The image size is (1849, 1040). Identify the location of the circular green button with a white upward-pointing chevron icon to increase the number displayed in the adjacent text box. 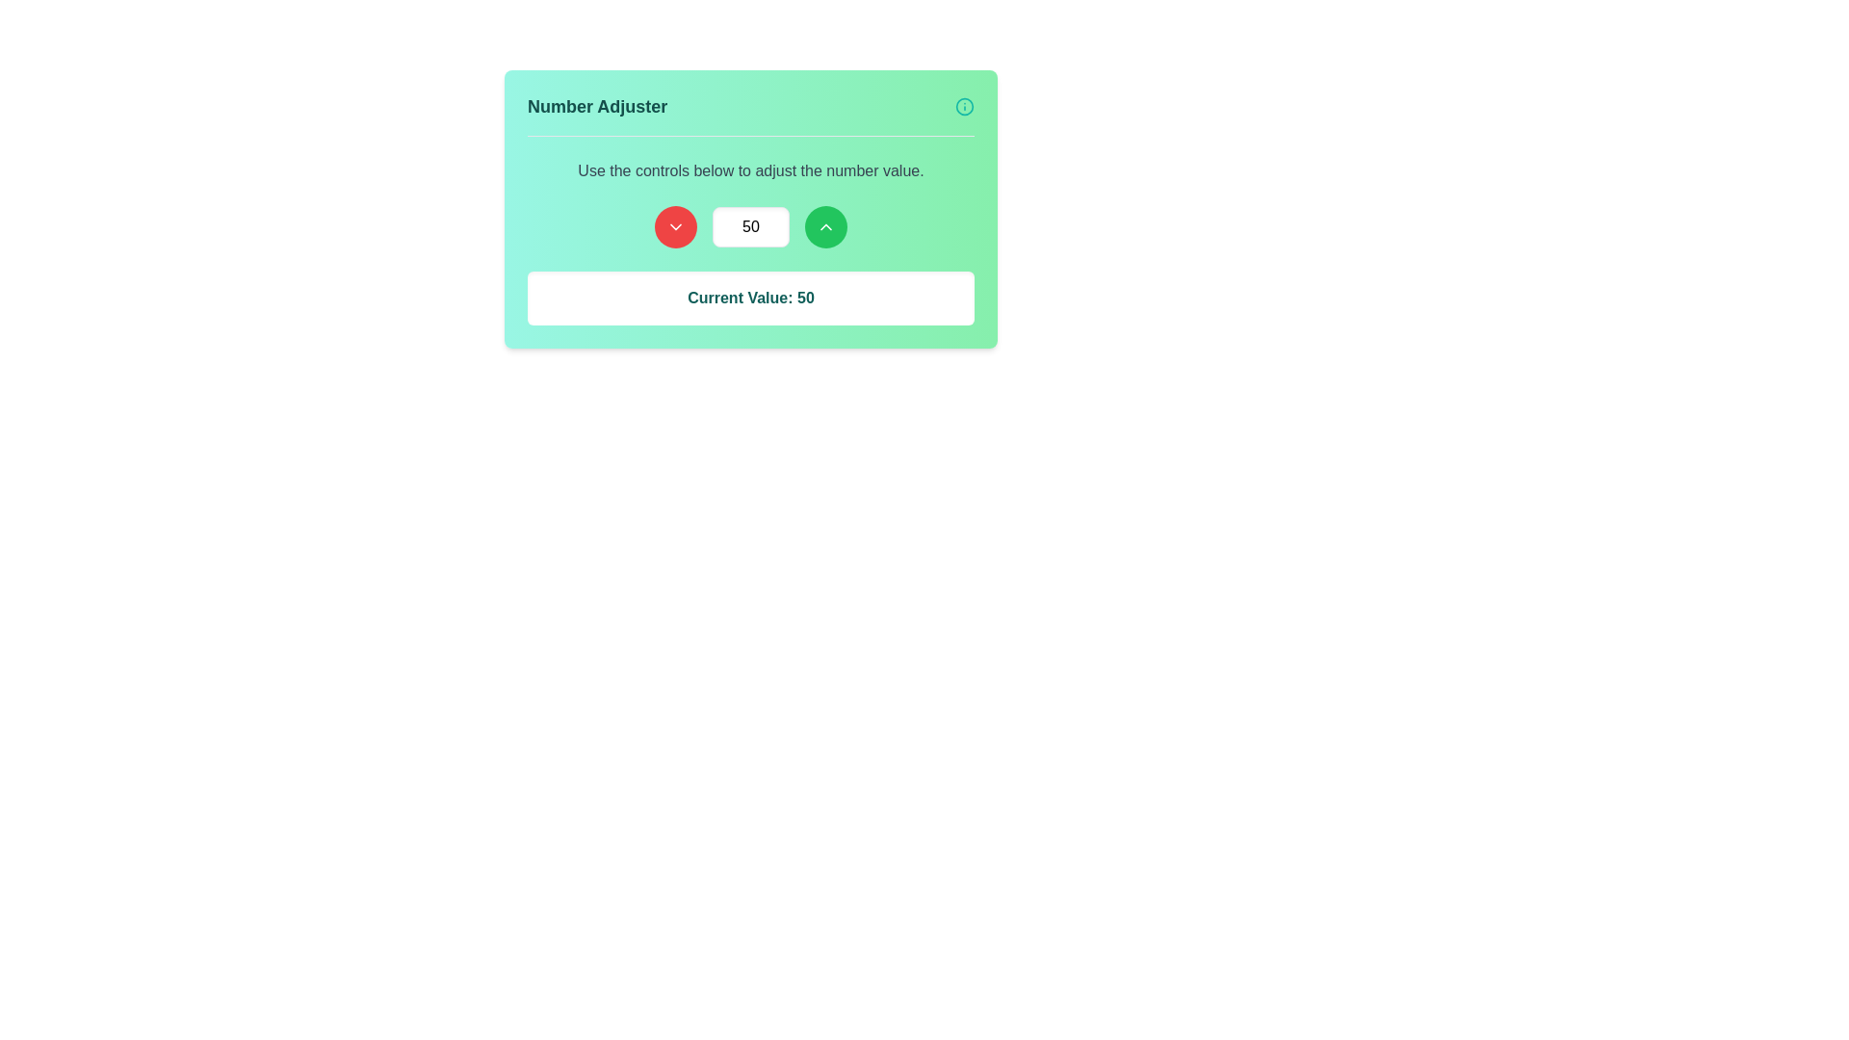
(826, 225).